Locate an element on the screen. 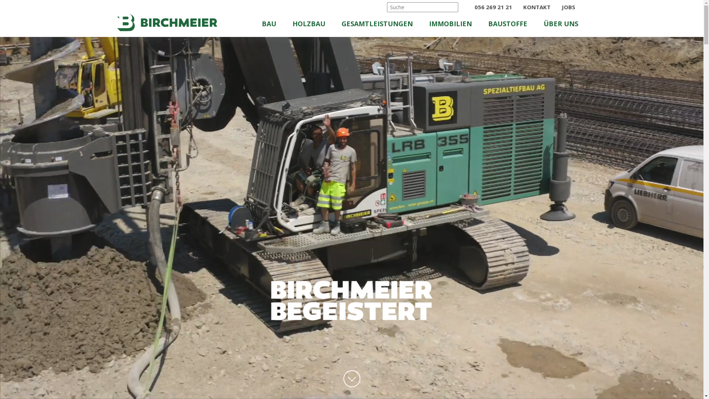  'HOLZBAU' is located at coordinates (315, 25).